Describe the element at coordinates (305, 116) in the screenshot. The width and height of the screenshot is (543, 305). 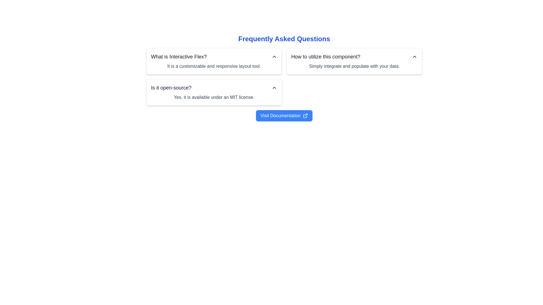
I see `the SVG shape element resembling a rounded rectangle with an outlined style, located near the bottom right of the interface, part of an icon accompanying the 'Visit Documentation' button` at that location.